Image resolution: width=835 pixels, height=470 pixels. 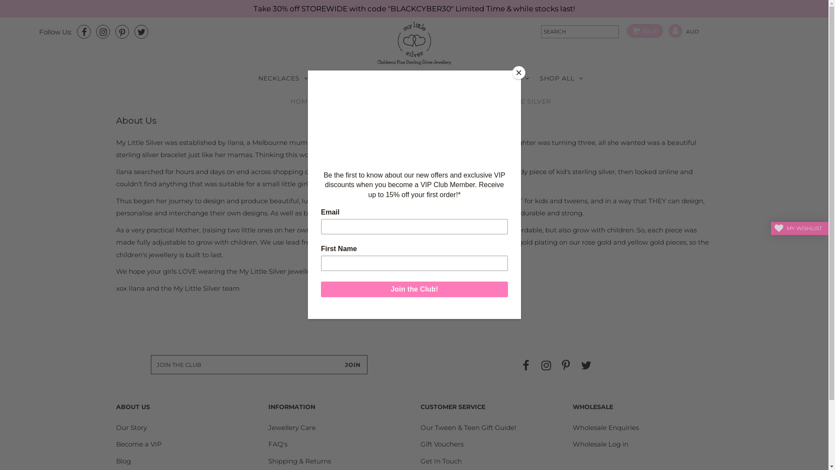 What do you see at coordinates (561, 78) in the screenshot?
I see `'SHOP ALL'` at bounding box center [561, 78].